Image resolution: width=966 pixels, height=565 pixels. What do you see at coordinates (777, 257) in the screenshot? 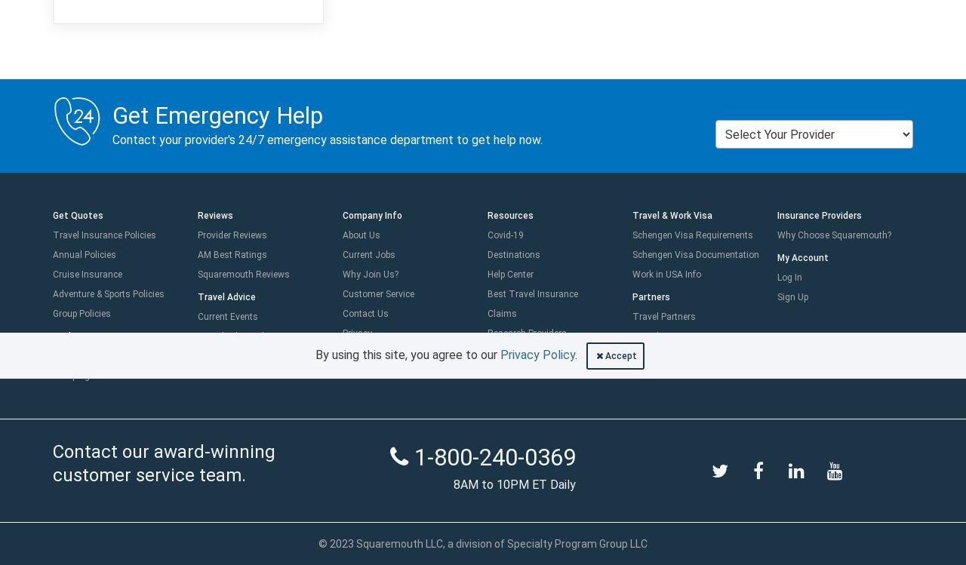
I see `'My Account'` at bounding box center [777, 257].